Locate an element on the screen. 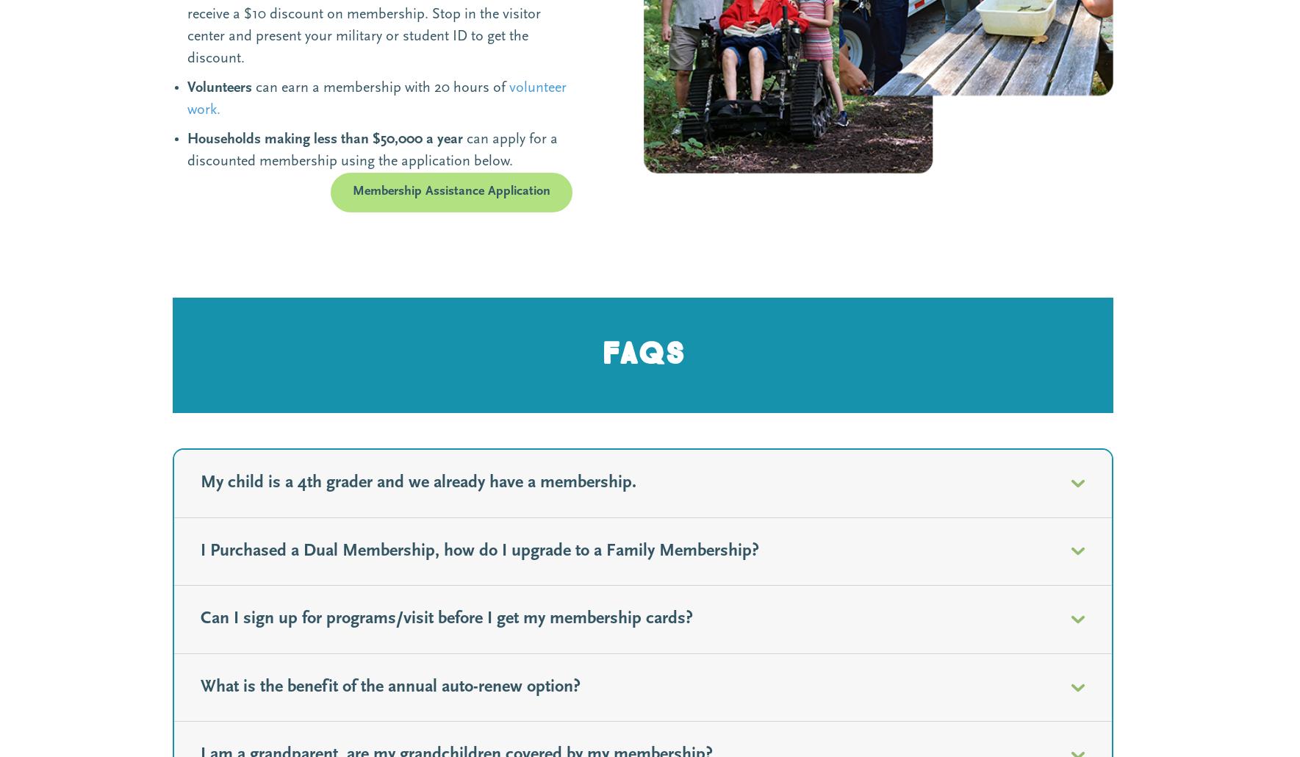  'I Purchased a Dual Membership, how do I upgrade to a Family Membership?' is located at coordinates (479, 550).